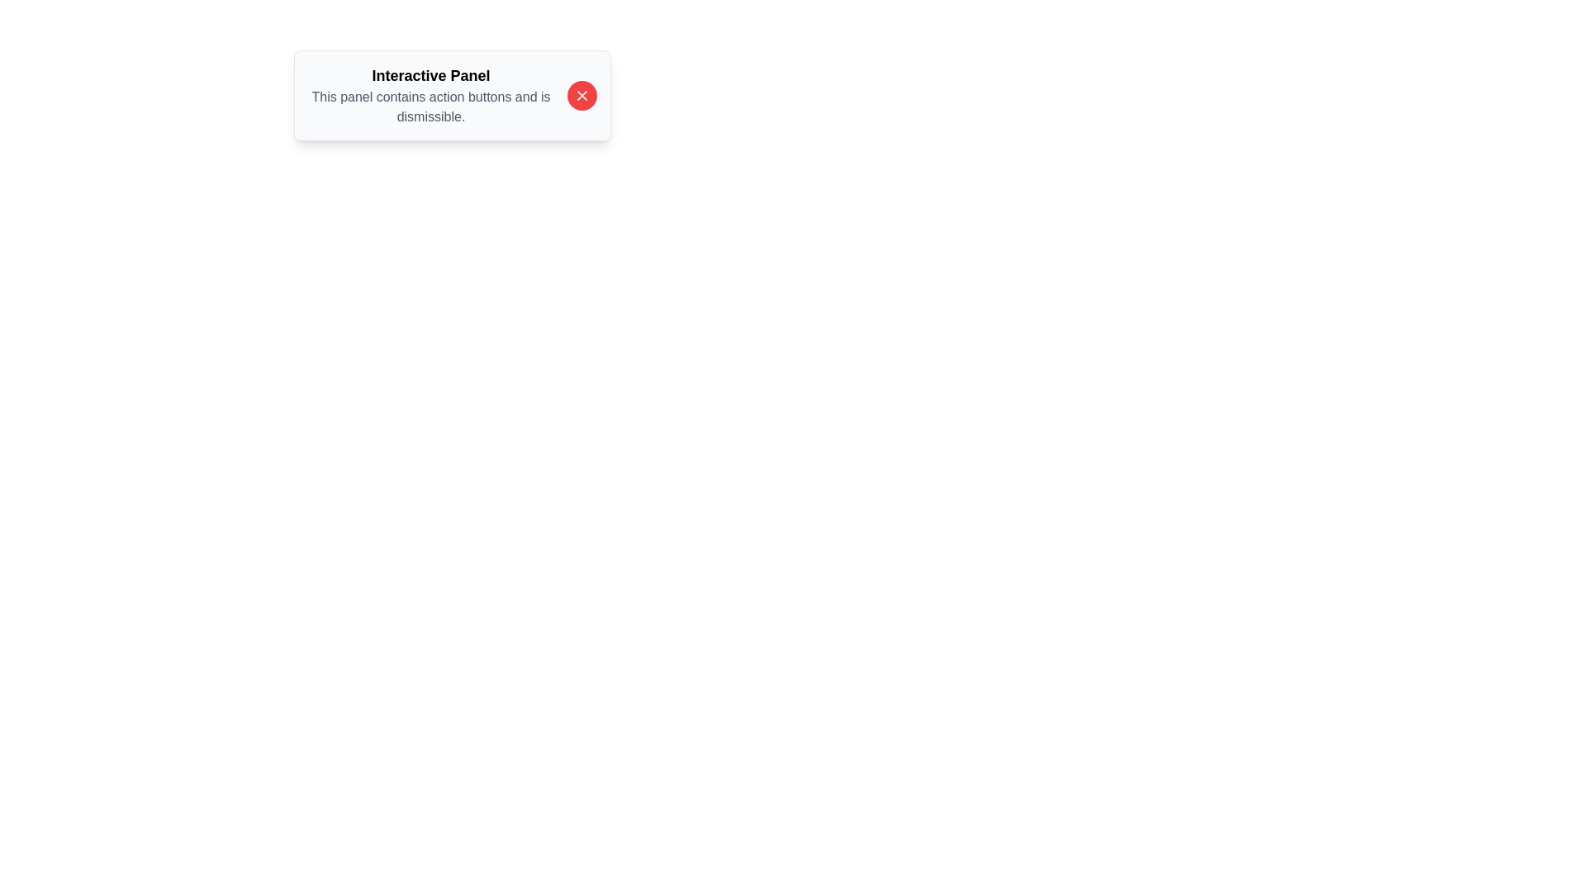 This screenshot has height=892, width=1586. I want to click on the small red circular icon with a white cross located in the top-right corner of the panel, so click(582, 95).